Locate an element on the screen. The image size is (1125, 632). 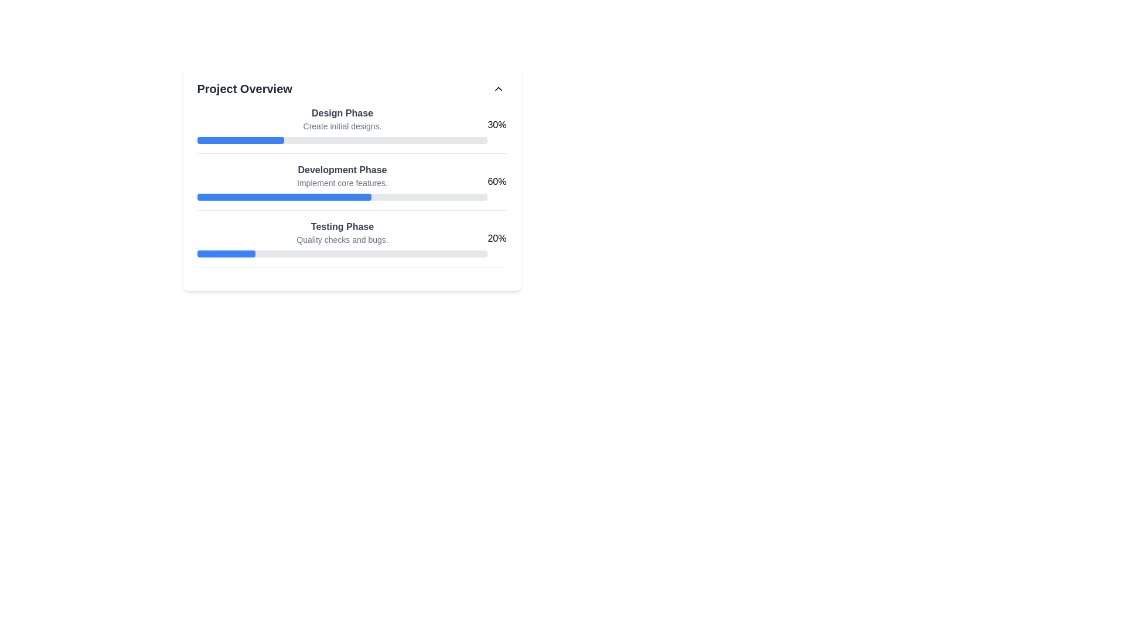
text label containing the phrase 'Implement core features.' which is styled with a small gray font and located below the 'Development Phase' header and above a progress bar indicating 60% completion is located at coordinates (342, 183).